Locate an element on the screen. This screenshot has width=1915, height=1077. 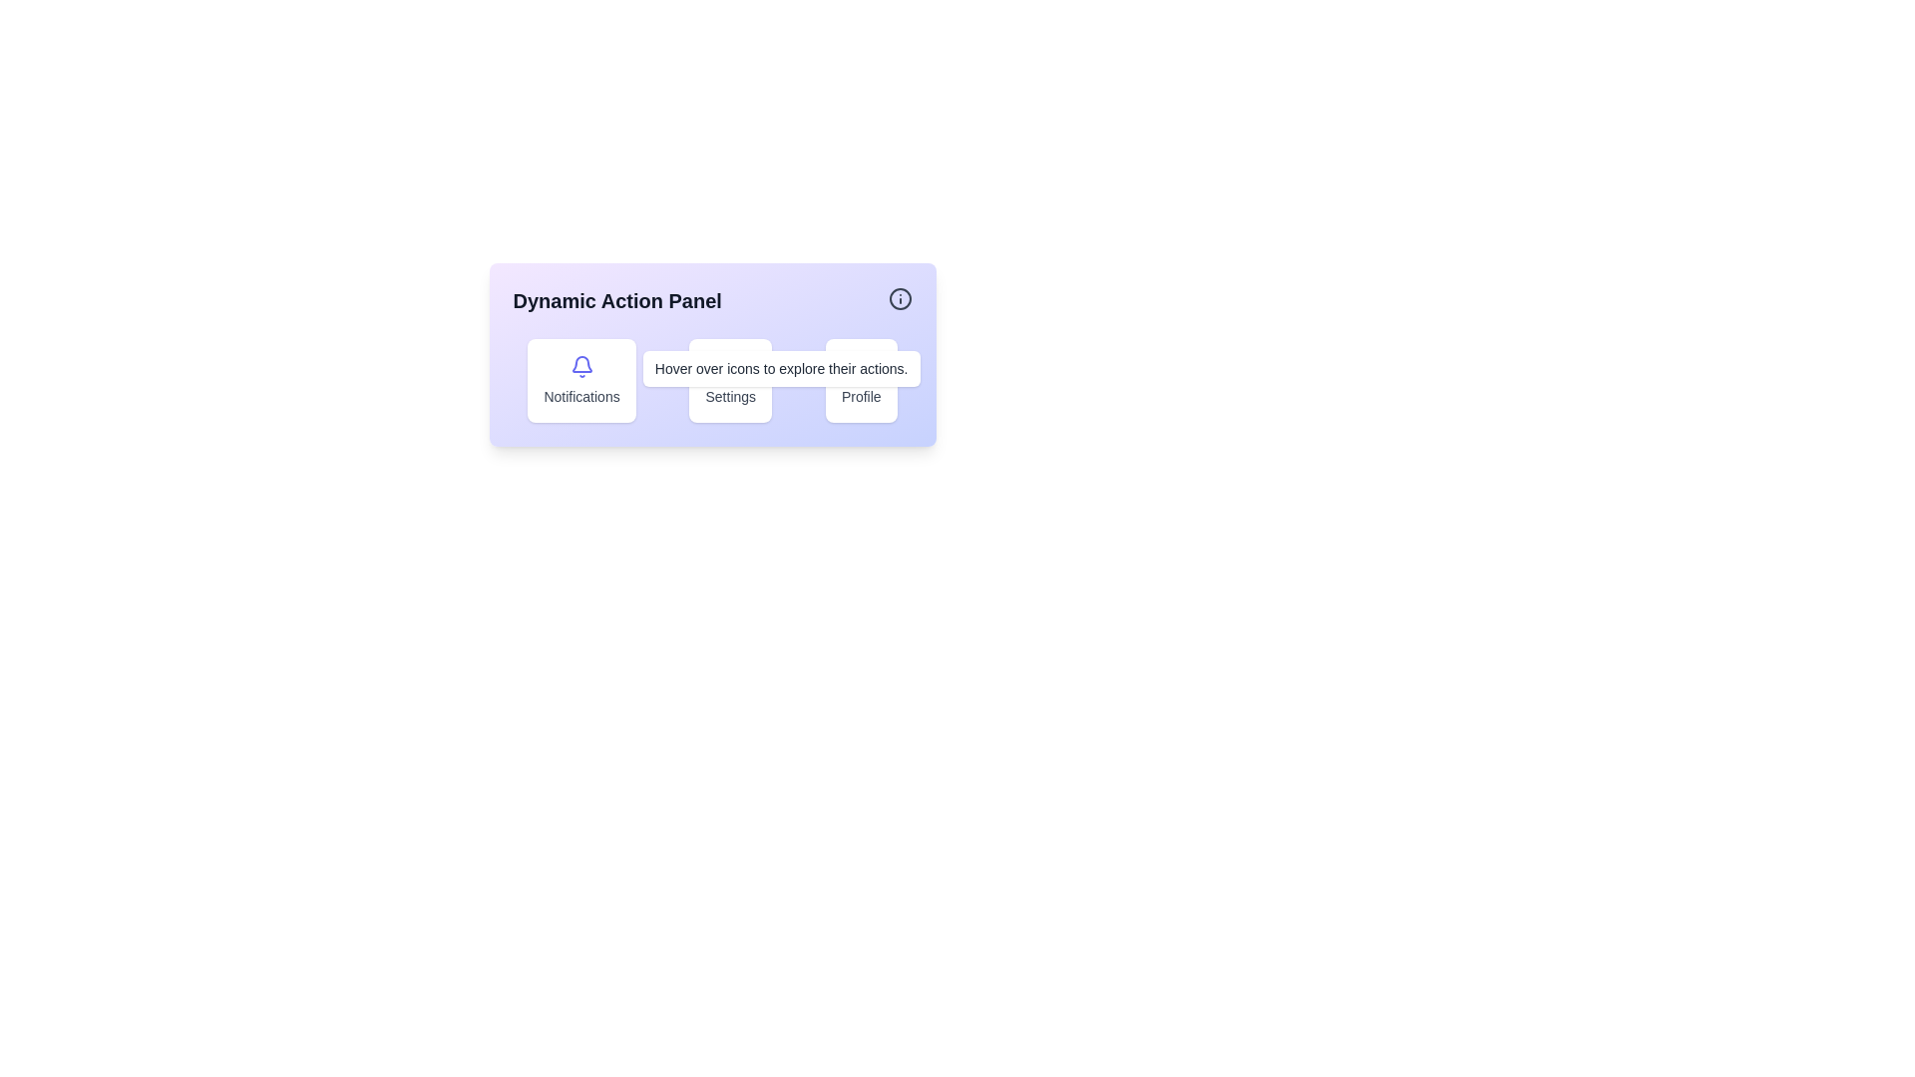
the information displayed in the tooltip with black background and white text reading 'Detail of Settings', positioned above the 'Settings' button is located at coordinates (729, 333).